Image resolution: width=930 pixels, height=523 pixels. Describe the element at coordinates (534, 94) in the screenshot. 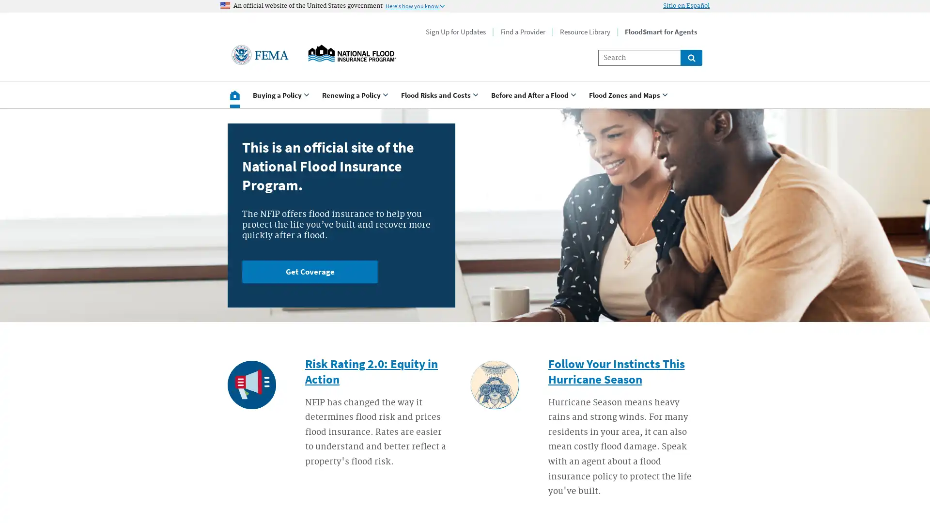

I see `Use <enter> and shift + <enter> to open and close the drop down to sub-menus` at that location.